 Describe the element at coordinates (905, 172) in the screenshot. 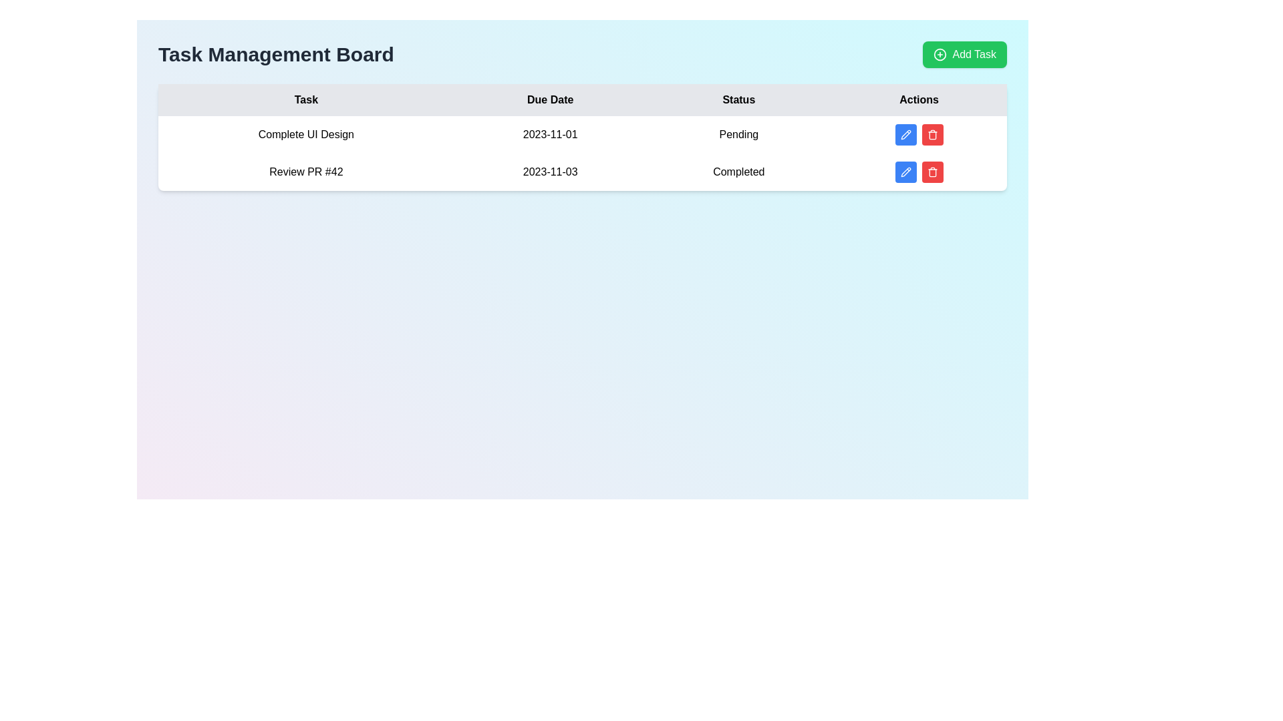

I see `the edit button for the 'Review PR #42' task` at that location.